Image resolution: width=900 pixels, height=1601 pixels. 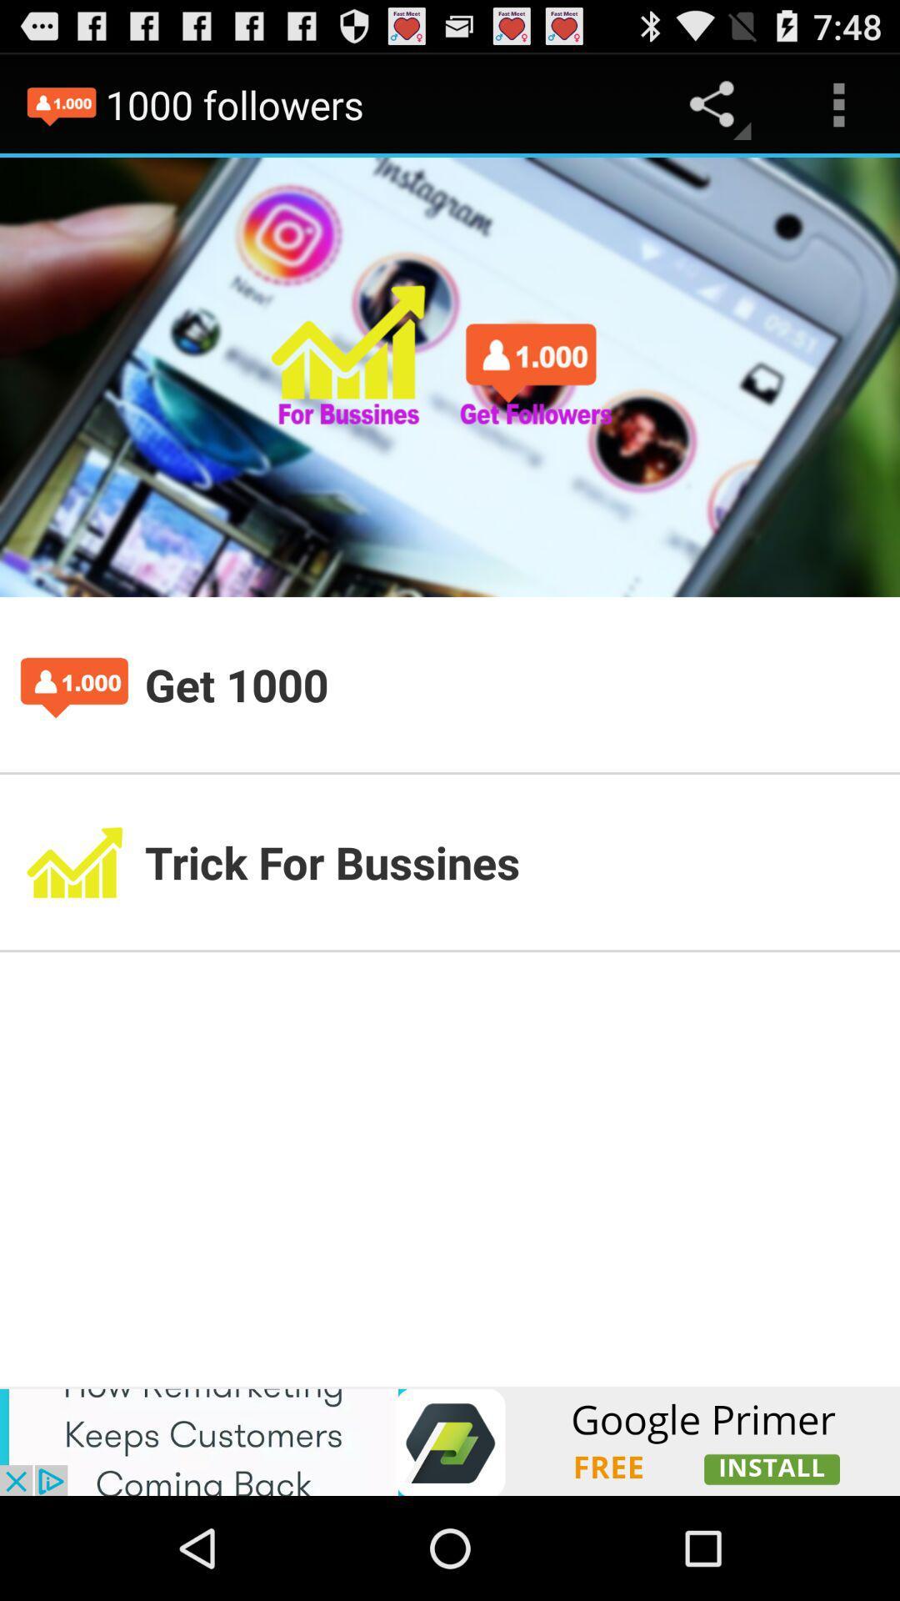 I want to click on adverts, so click(x=450, y=1440).